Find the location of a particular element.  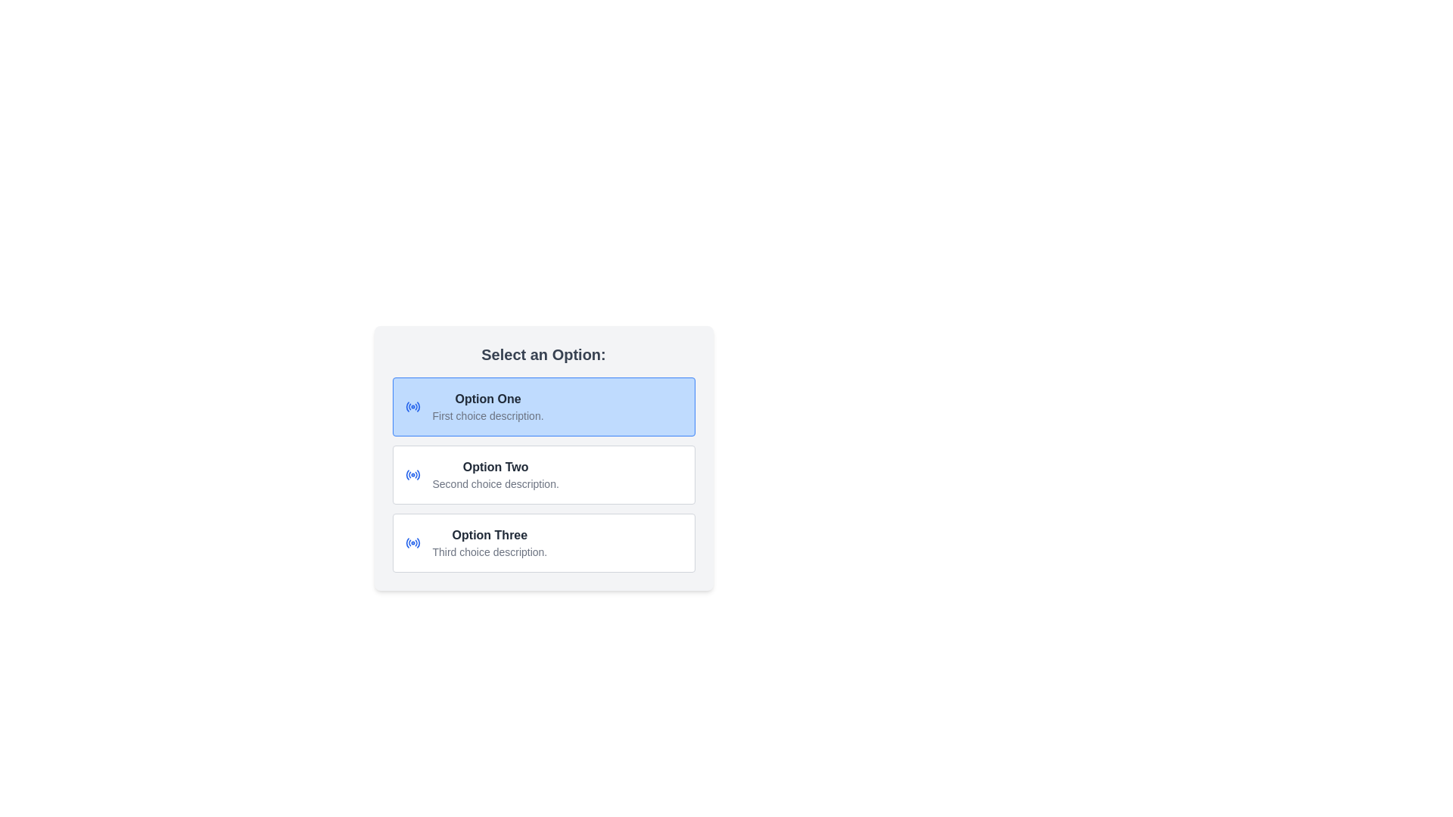

the Text Label that describes the 'Option One' choice, located below the main title 'Option One' in the first option section of the selection interface is located at coordinates (488, 416).